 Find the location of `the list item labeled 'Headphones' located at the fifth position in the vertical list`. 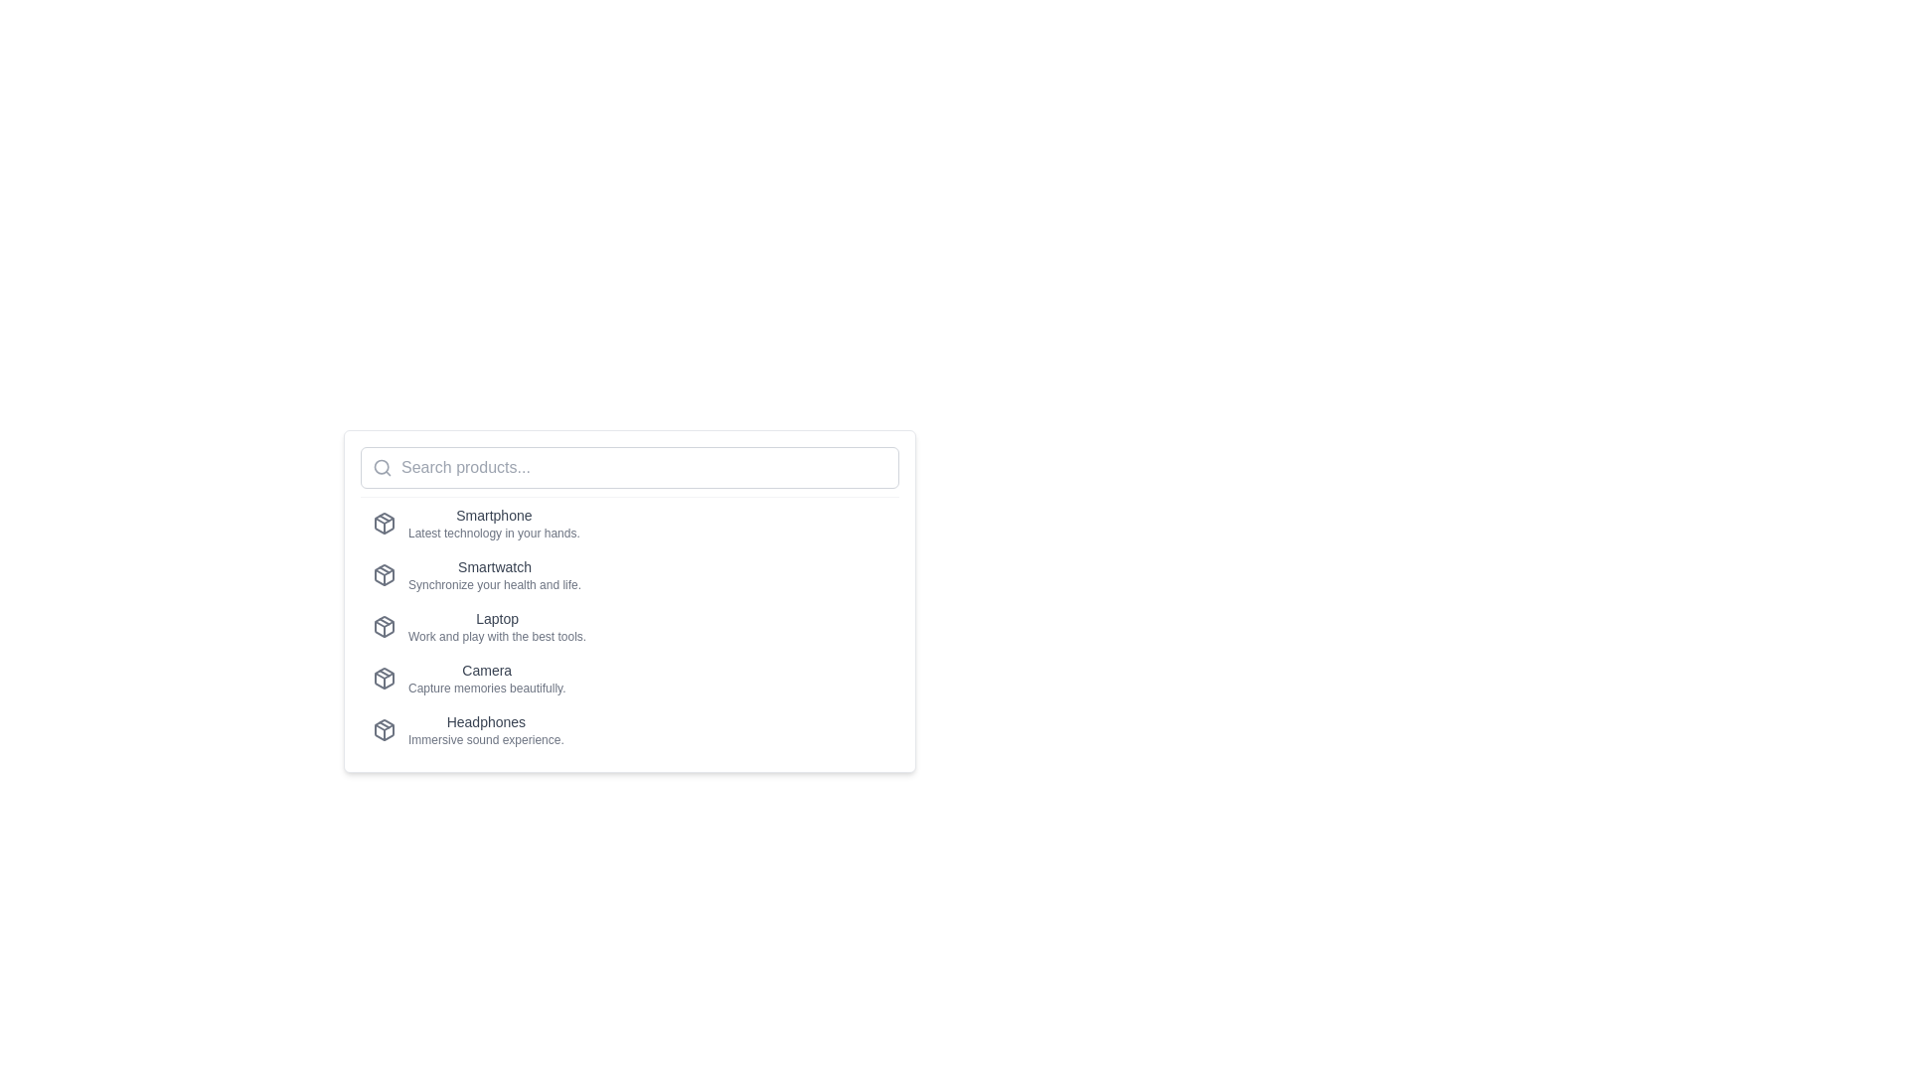

the list item labeled 'Headphones' located at the fifth position in the vertical list is located at coordinates (628, 730).